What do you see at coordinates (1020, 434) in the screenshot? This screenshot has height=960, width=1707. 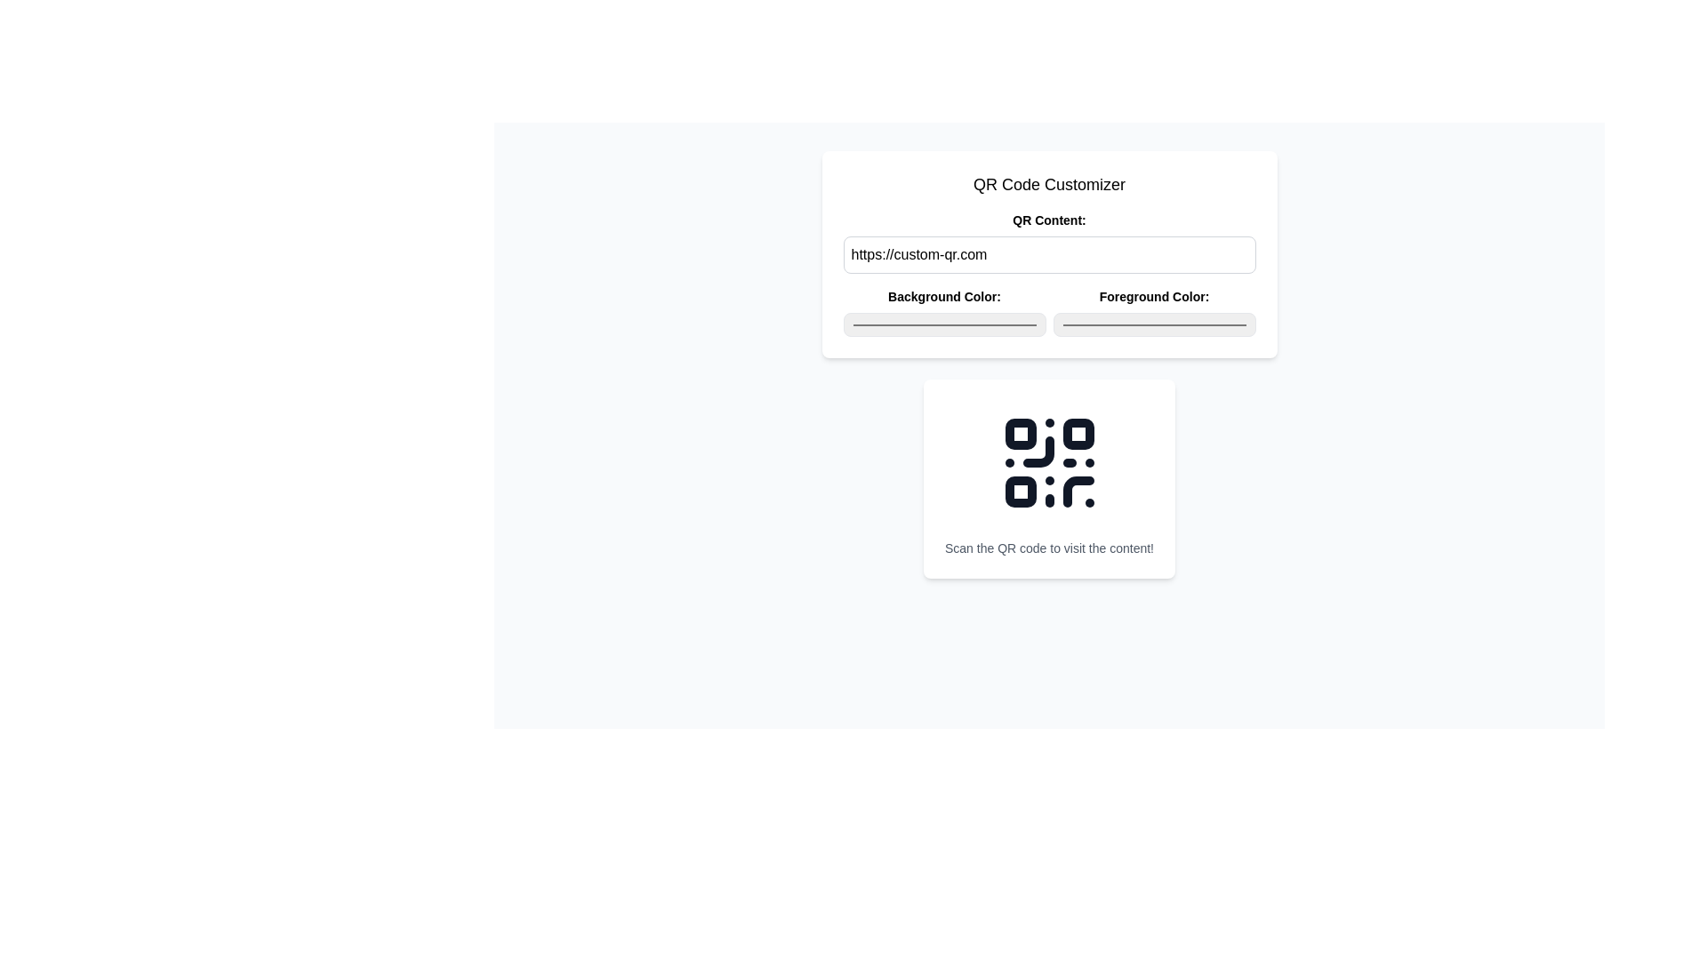 I see `the top-left square of the QR code structure, which is part of the scannable pattern necessary for QR identification` at bounding box center [1020, 434].